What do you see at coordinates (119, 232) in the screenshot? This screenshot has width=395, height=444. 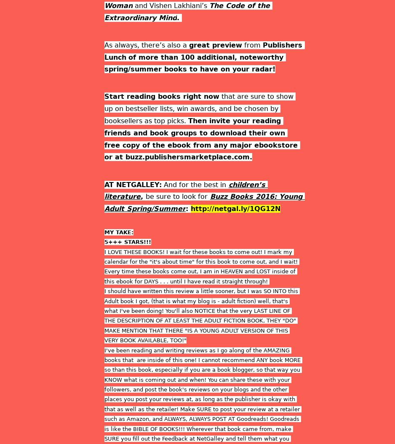 I see `'MY TAKE:'` at bounding box center [119, 232].